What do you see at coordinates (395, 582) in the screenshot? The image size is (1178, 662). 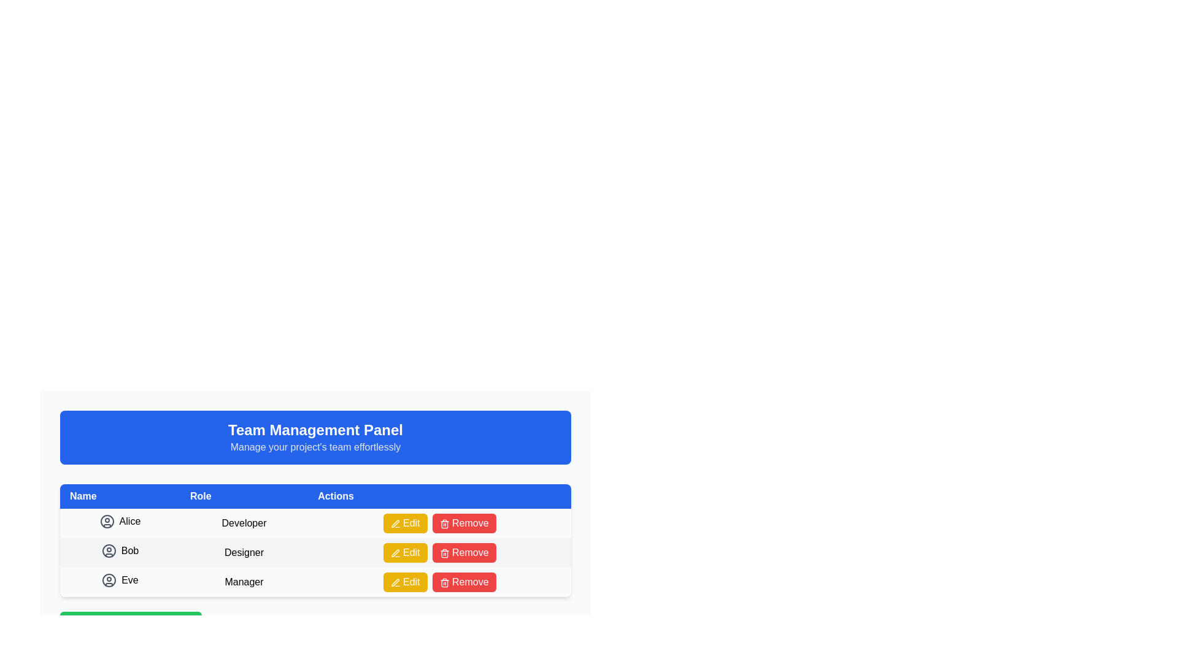 I see `the Edit icon located in the Actions column of the third row in the Team Management Panel, which visually indicates the editing operation` at bounding box center [395, 582].